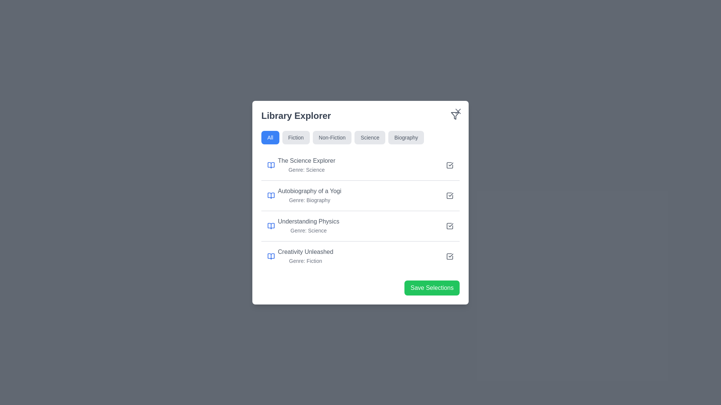 The image size is (721, 405). Describe the element at coordinates (450, 225) in the screenshot. I see `the checkbox located to the far right of the third list item titled 'Understanding Physics' in the 'Library Explorer' interface` at that location.